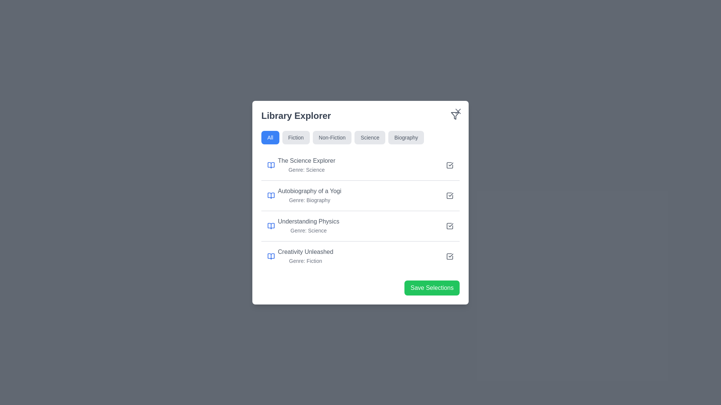 The image size is (721, 405). Describe the element at coordinates (450, 225) in the screenshot. I see `the checkbox located to the far right of the third list item titled 'Understanding Physics' in the 'Library Explorer' interface` at that location.